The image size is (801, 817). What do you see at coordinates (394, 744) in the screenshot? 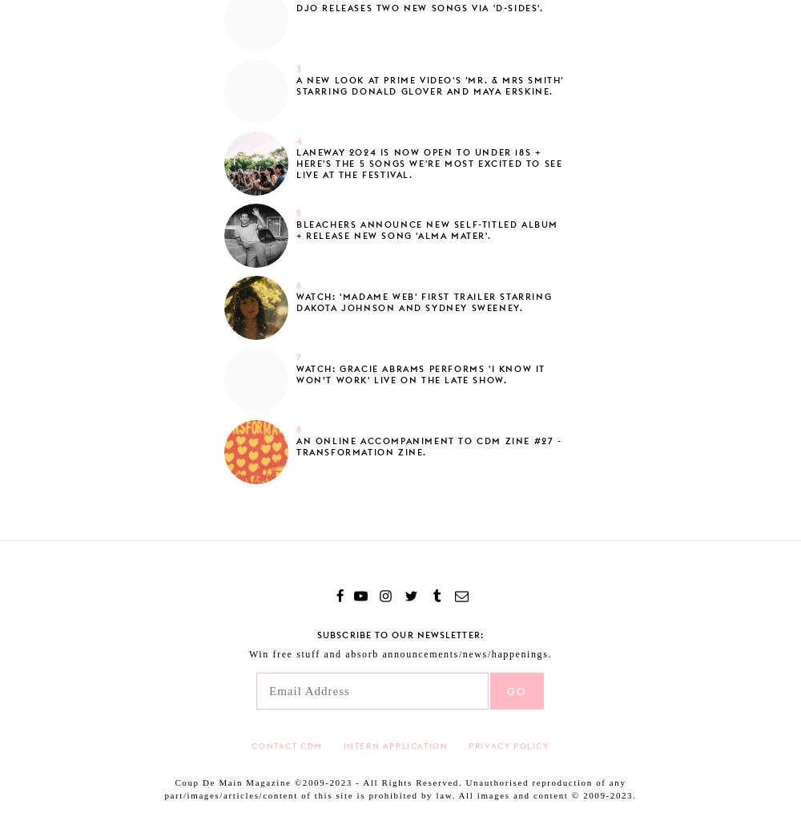
I see `'intern application'` at bounding box center [394, 744].